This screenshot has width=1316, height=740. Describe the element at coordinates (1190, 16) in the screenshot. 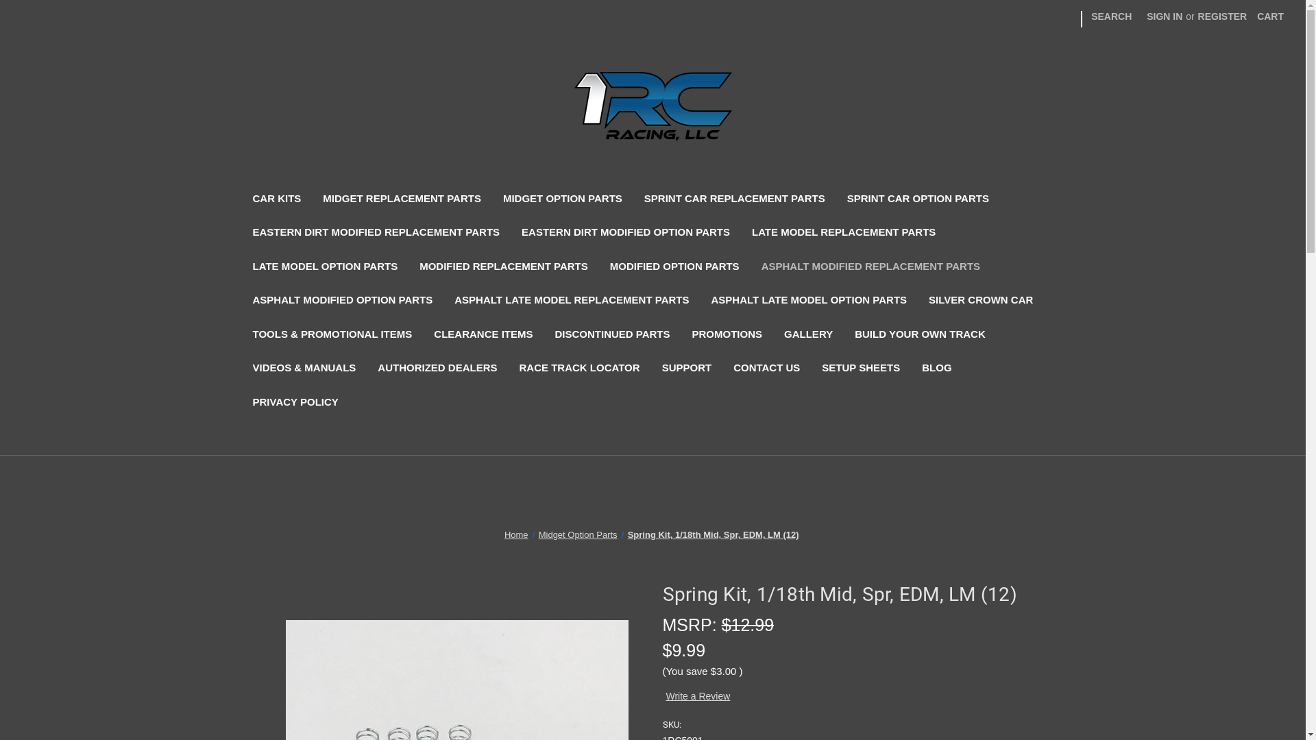

I see `'REGISTER'` at that location.